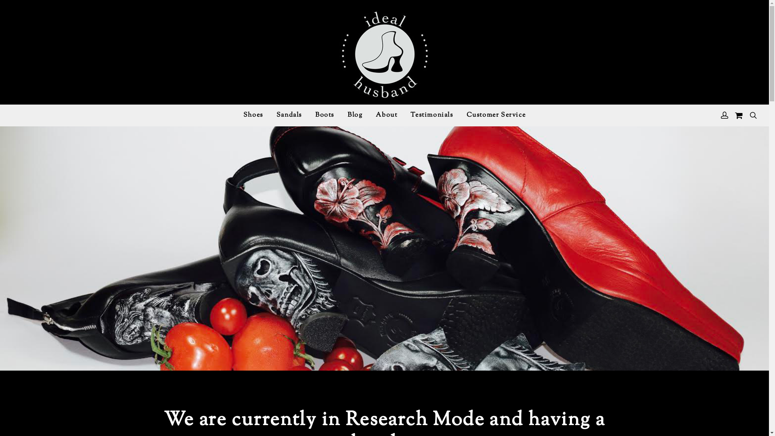 This screenshot has width=775, height=436. What do you see at coordinates (315, 115) in the screenshot?
I see `'Boots'` at bounding box center [315, 115].